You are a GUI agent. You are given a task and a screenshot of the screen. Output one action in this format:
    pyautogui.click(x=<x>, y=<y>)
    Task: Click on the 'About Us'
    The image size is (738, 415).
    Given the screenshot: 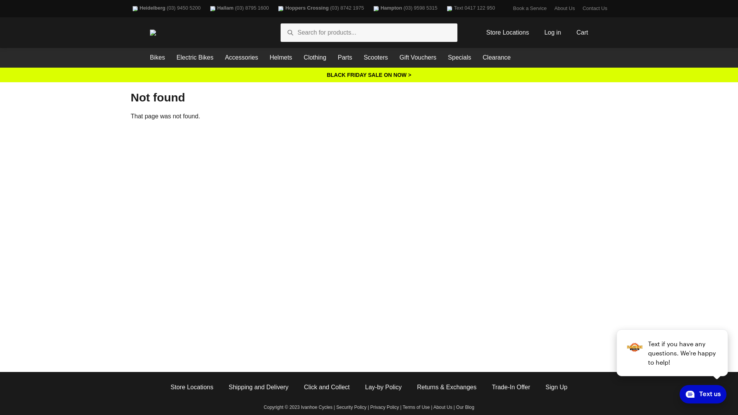 What is the action you would take?
    pyautogui.click(x=442, y=407)
    